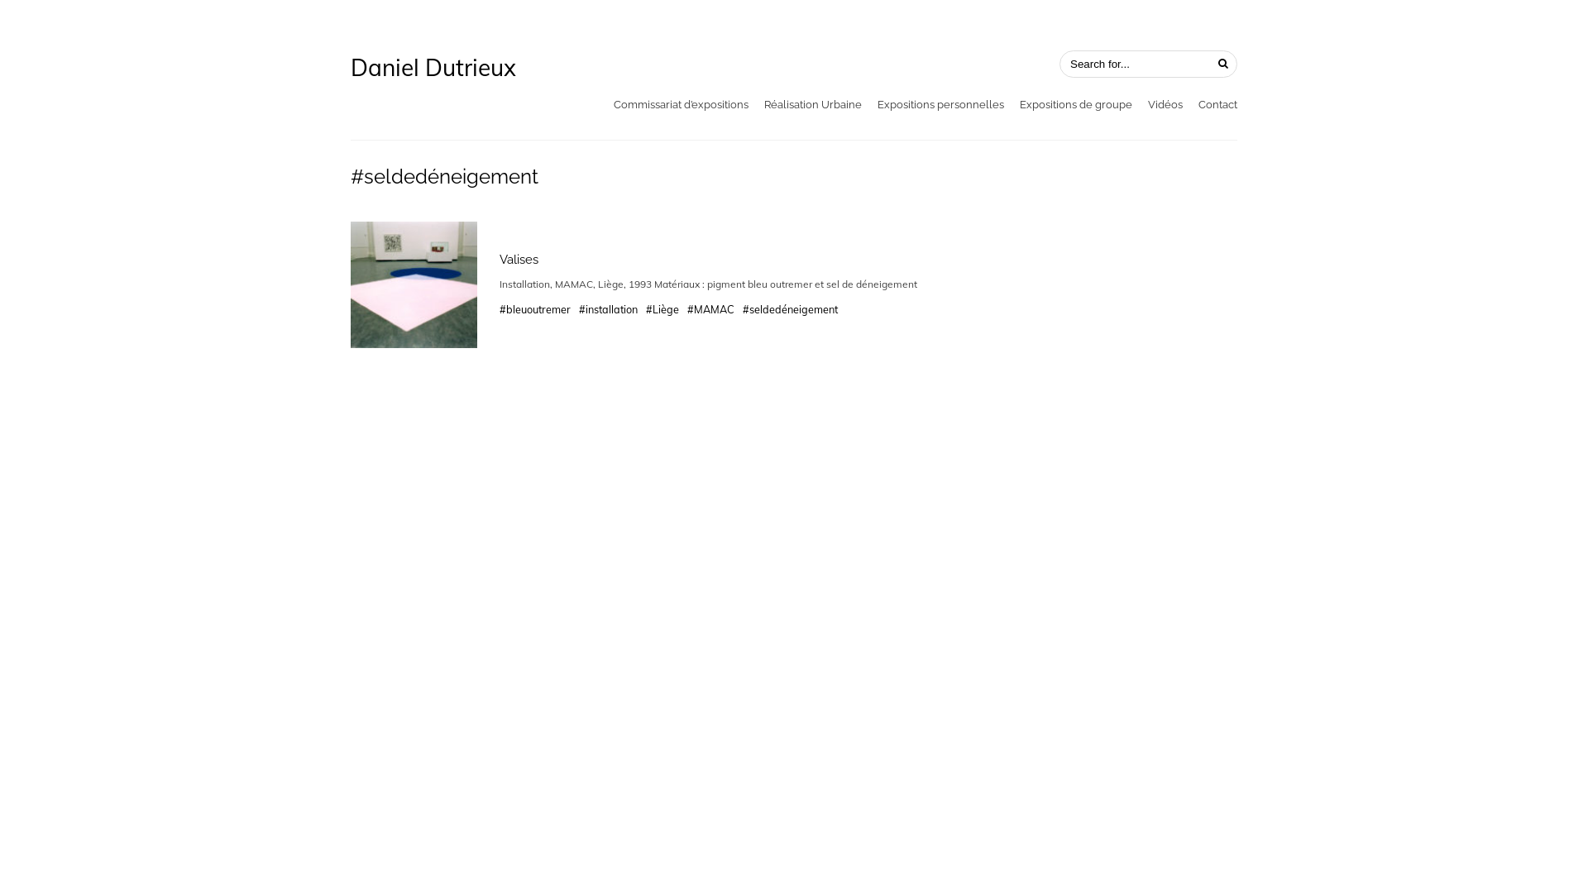  I want to click on 'Daniel Dutrieux', so click(433, 66).